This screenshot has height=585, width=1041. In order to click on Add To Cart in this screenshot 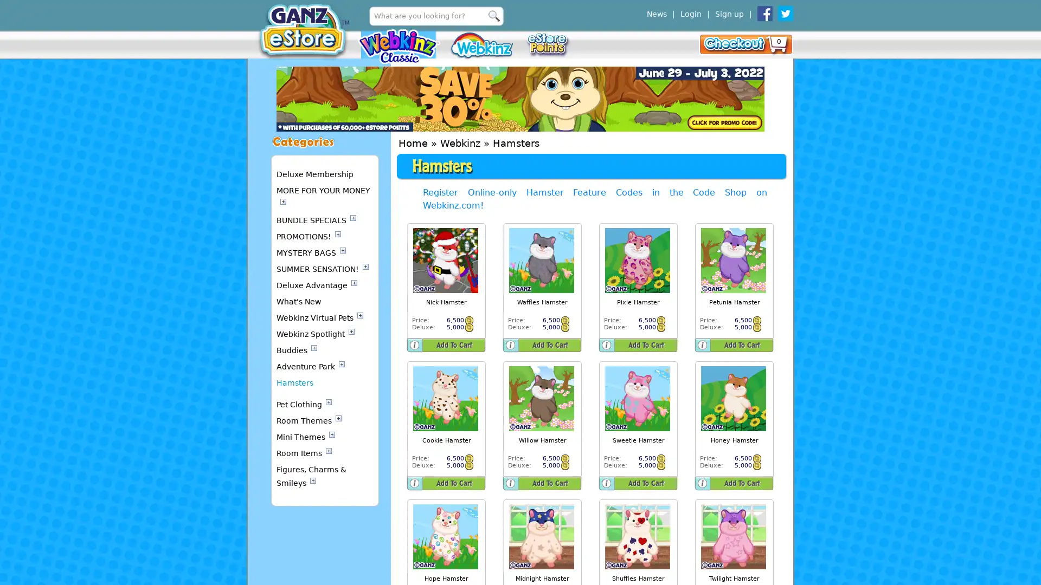, I will do `click(550, 344)`.